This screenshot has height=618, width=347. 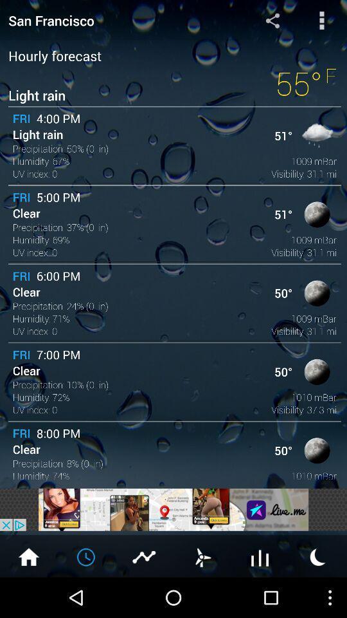 I want to click on the item above hourly forecast app, so click(x=115, y=19).